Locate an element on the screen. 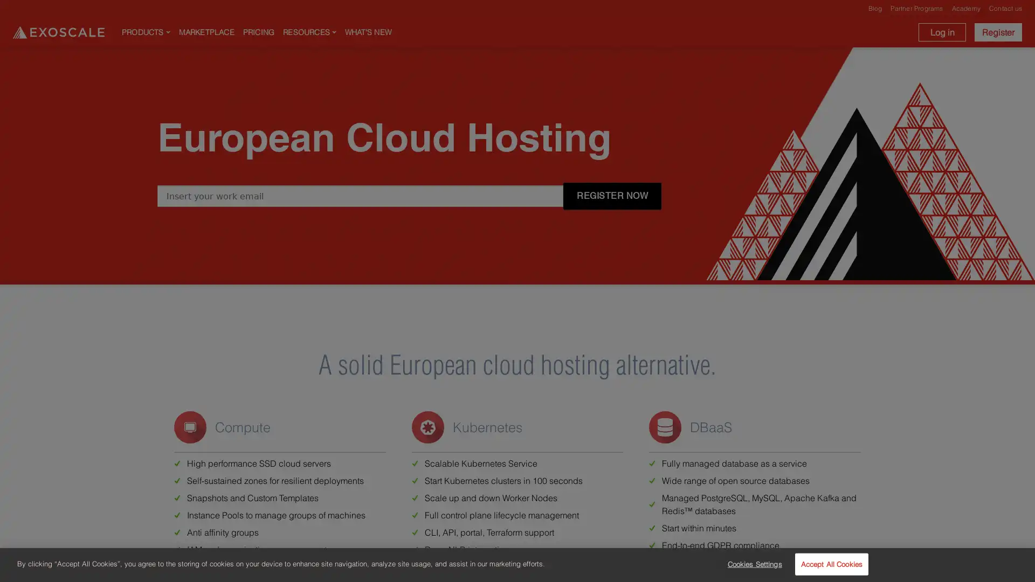 Image resolution: width=1035 pixels, height=582 pixels. Cookies Settings is located at coordinates (751, 563).